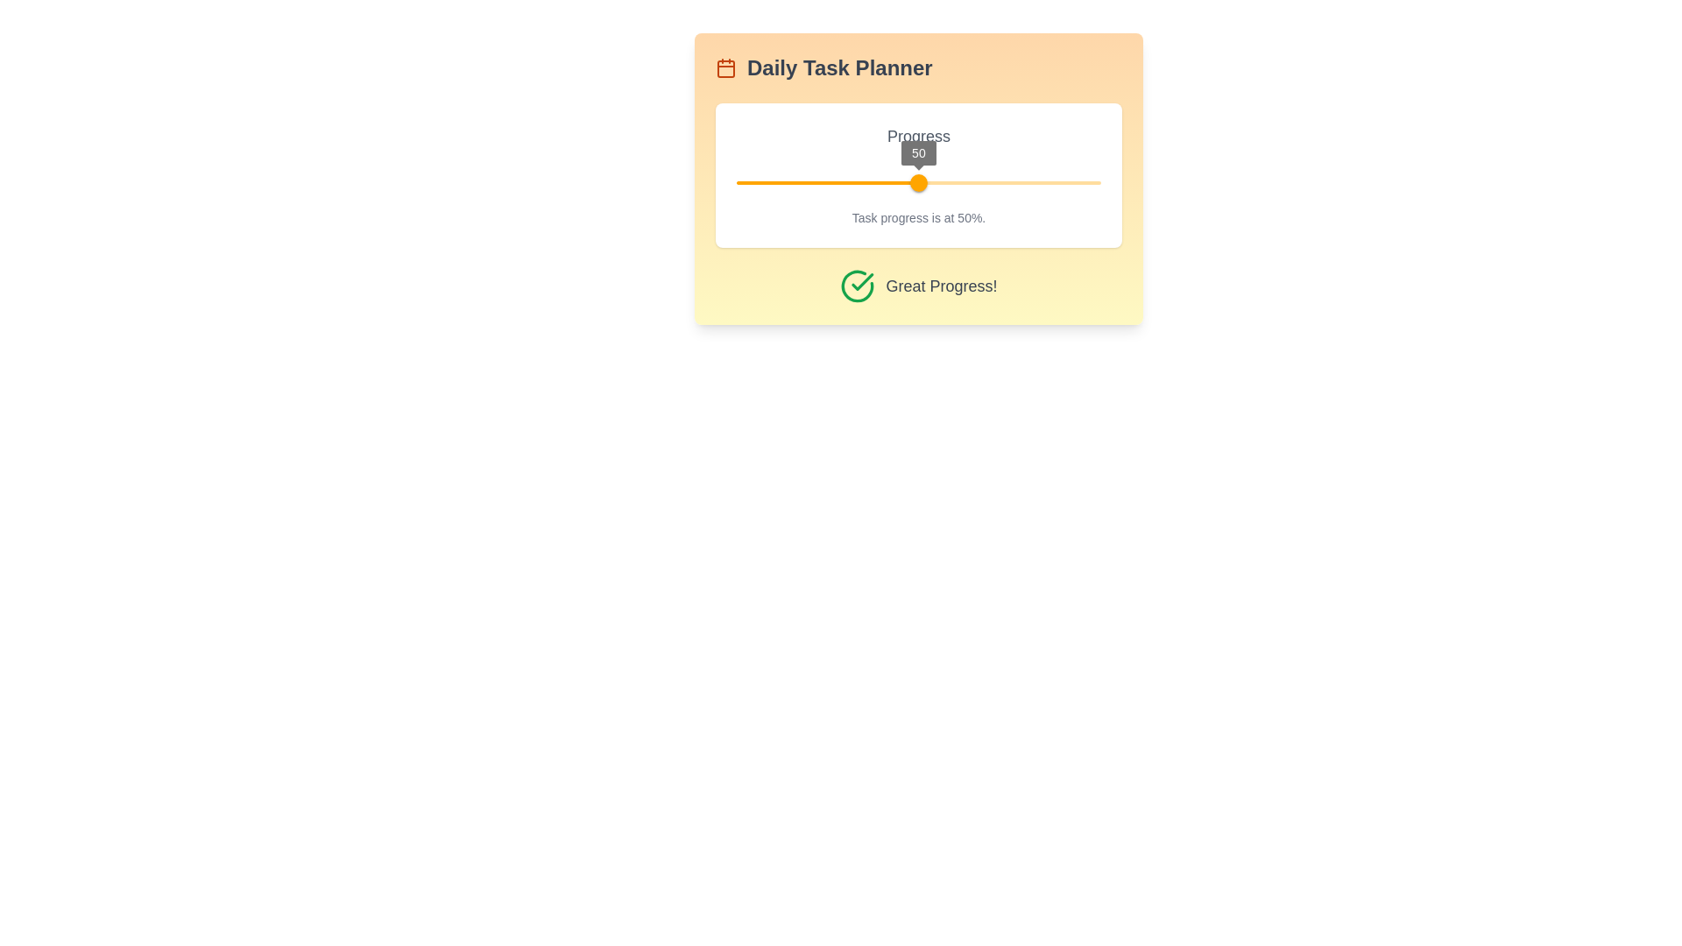 Image resolution: width=1682 pixels, height=946 pixels. What do you see at coordinates (918, 67) in the screenshot?
I see `the Header with an Icon that signifies the daily task planner for navigation` at bounding box center [918, 67].